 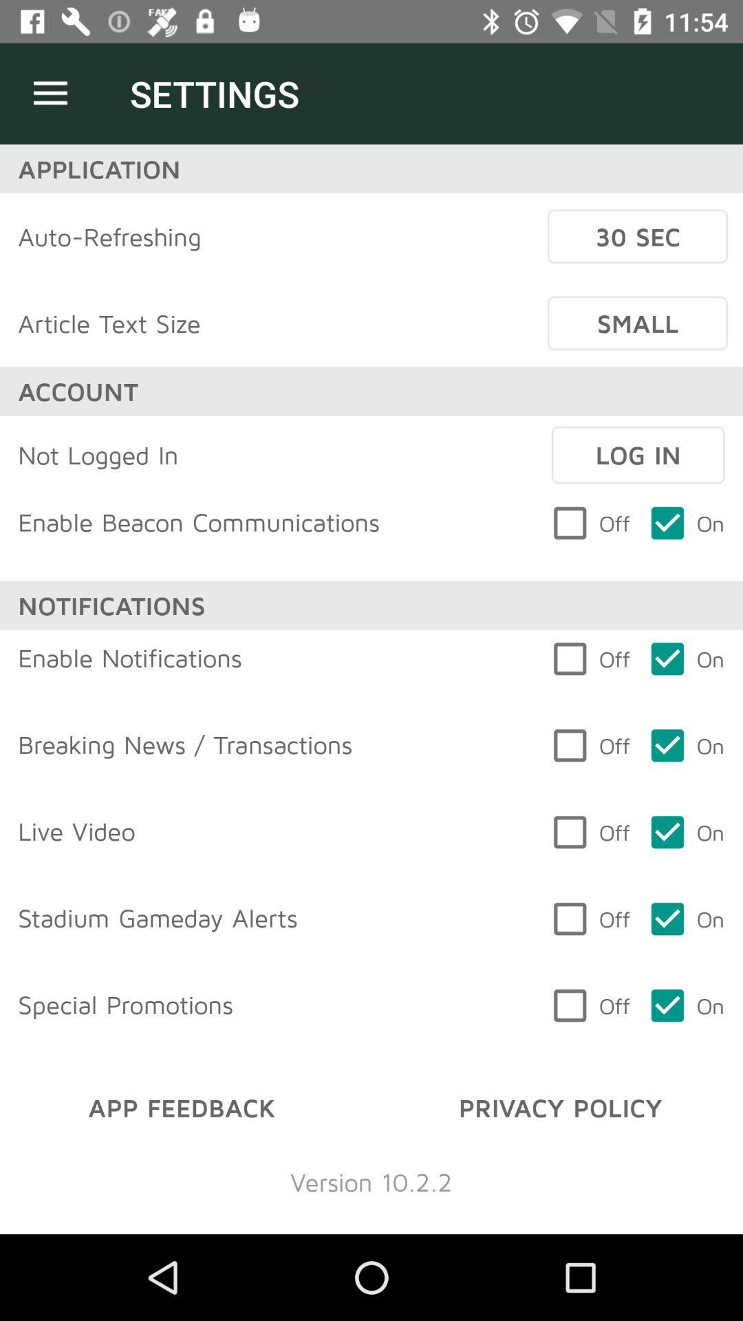 I want to click on the icon below app feedback, so click(x=370, y=1181).